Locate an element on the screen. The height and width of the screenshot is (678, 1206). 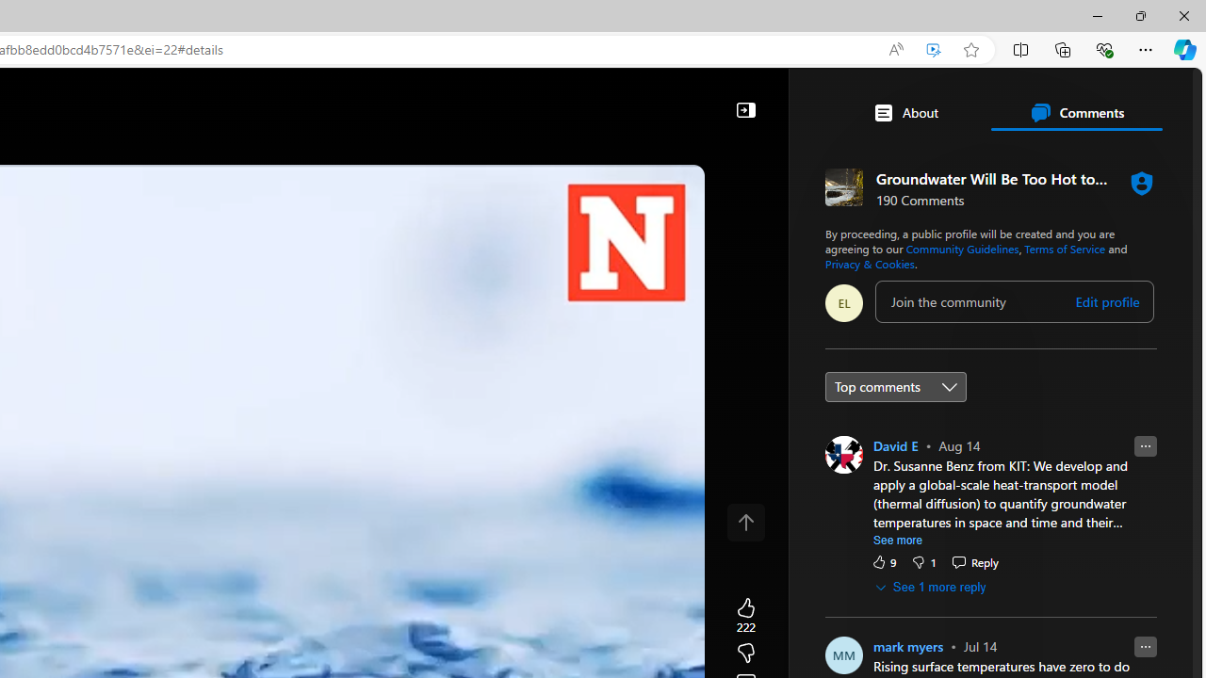
'comment-box' is located at coordinates (1014, 300).